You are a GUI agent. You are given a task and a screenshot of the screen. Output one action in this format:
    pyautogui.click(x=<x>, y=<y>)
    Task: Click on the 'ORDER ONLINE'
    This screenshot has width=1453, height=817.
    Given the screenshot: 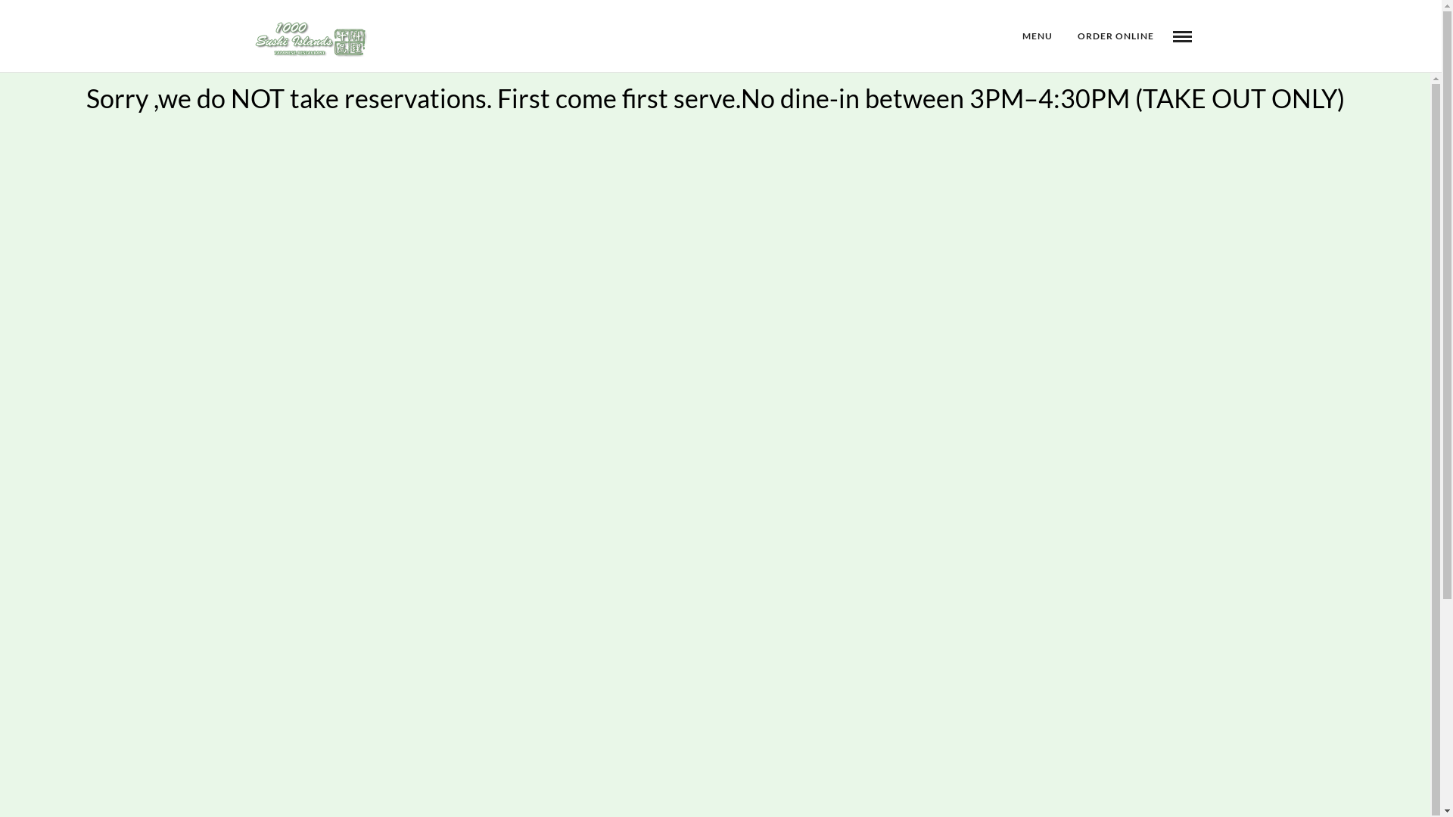 What is the action you would take?
    pyautogui.click(x=1115, y=36)
    